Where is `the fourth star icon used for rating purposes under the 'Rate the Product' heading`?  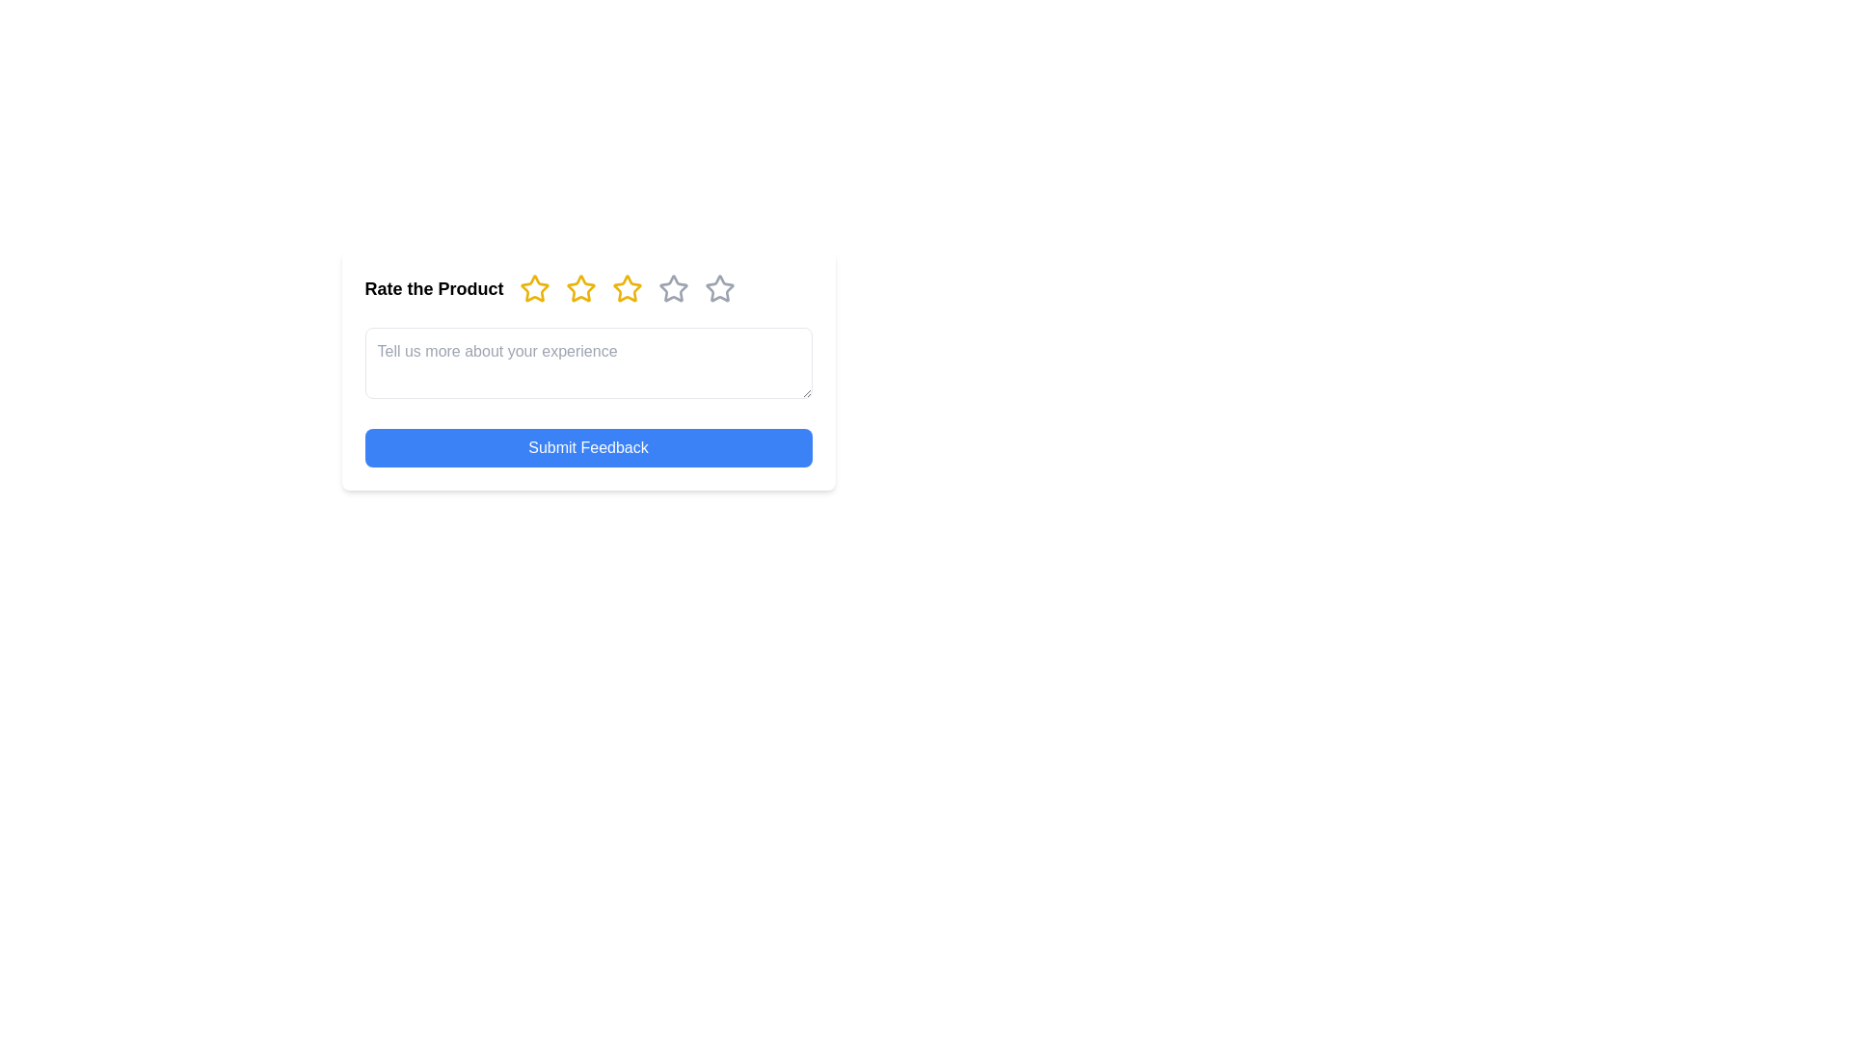
the fourth star icon used for rating purposes under the 'Rate the Product' heading is located at coordinates (673, 289).